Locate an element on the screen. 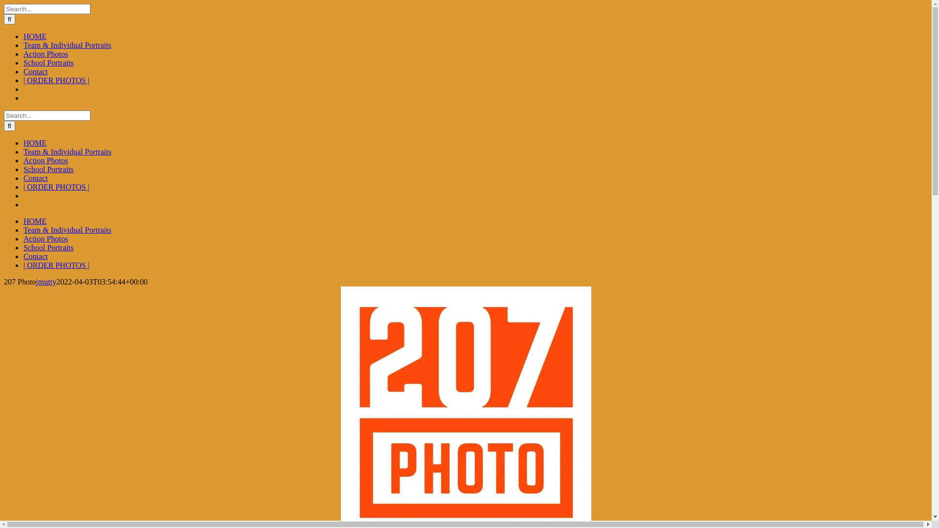  '| ORDER PHOTOS |' is located at coordinates (56, 80).